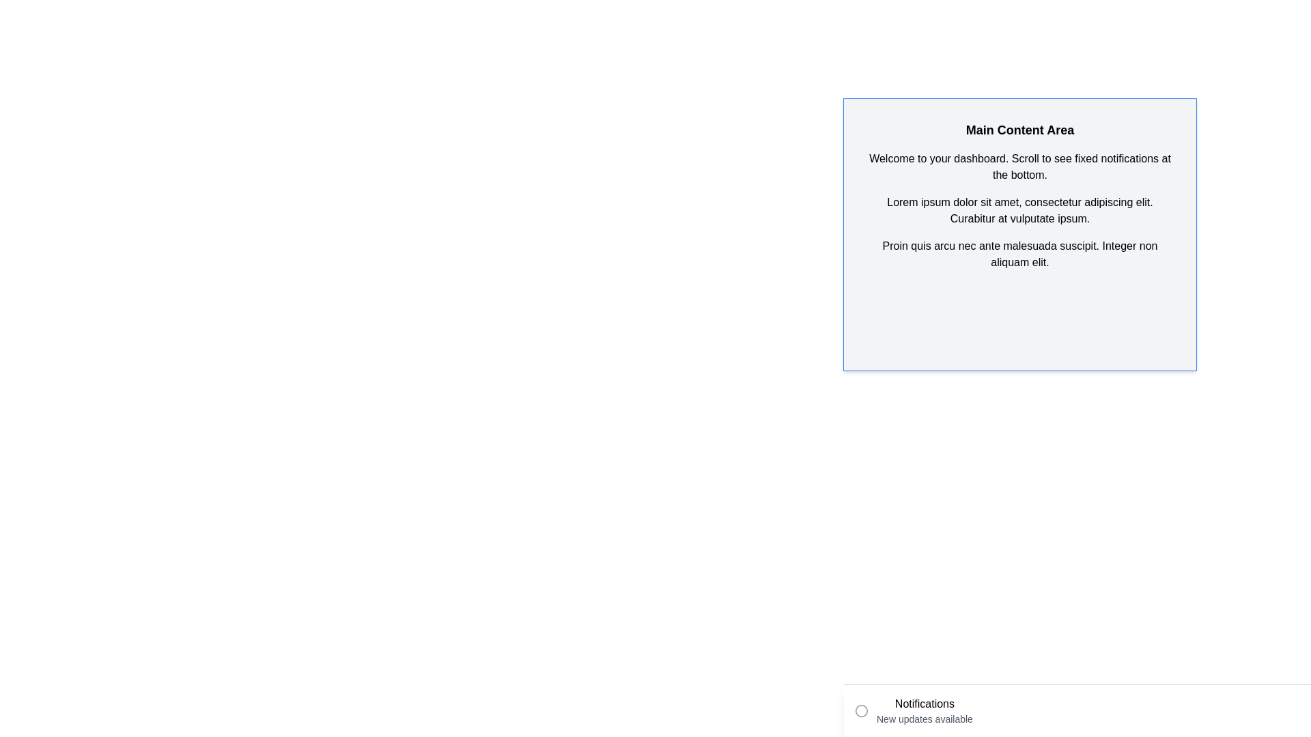 Image resolution: width=1311 pixels, height=737 pixels. I want to click on the Text block that displays notification updates, located at the bottom-right side of the interface, adjacent to a circular icon, so click(925, 710).